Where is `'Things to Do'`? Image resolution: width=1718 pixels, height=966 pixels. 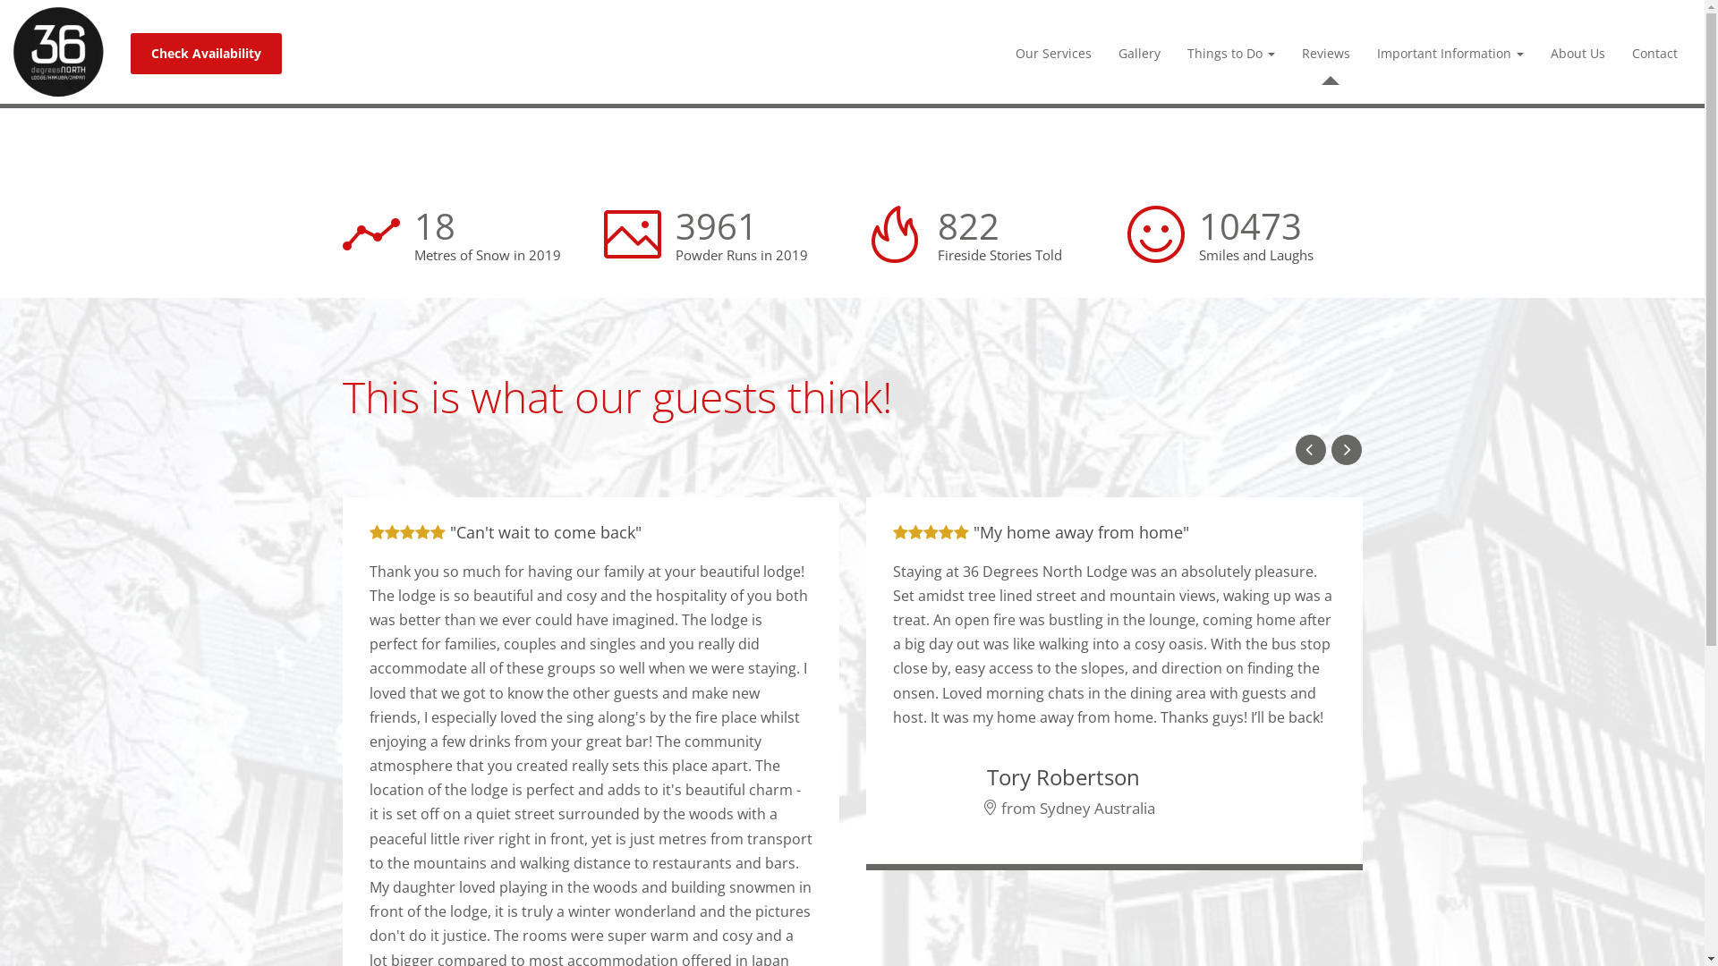
'Things to Do' is located at coordinates (1230, 53).